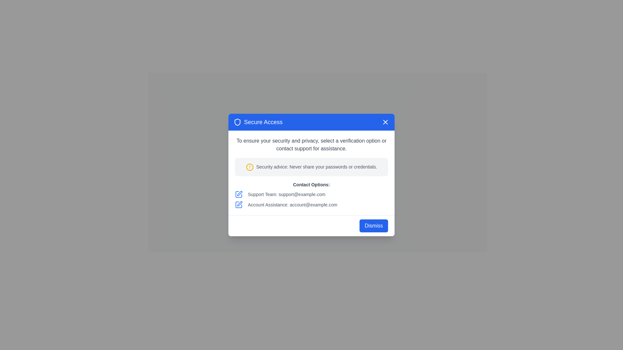  What do you see at coordinates (385, 122) in the screenshot?
I see `the close button located in the top-right corner of the 'Secure Access' blue header` at bounding box center [385, 122].